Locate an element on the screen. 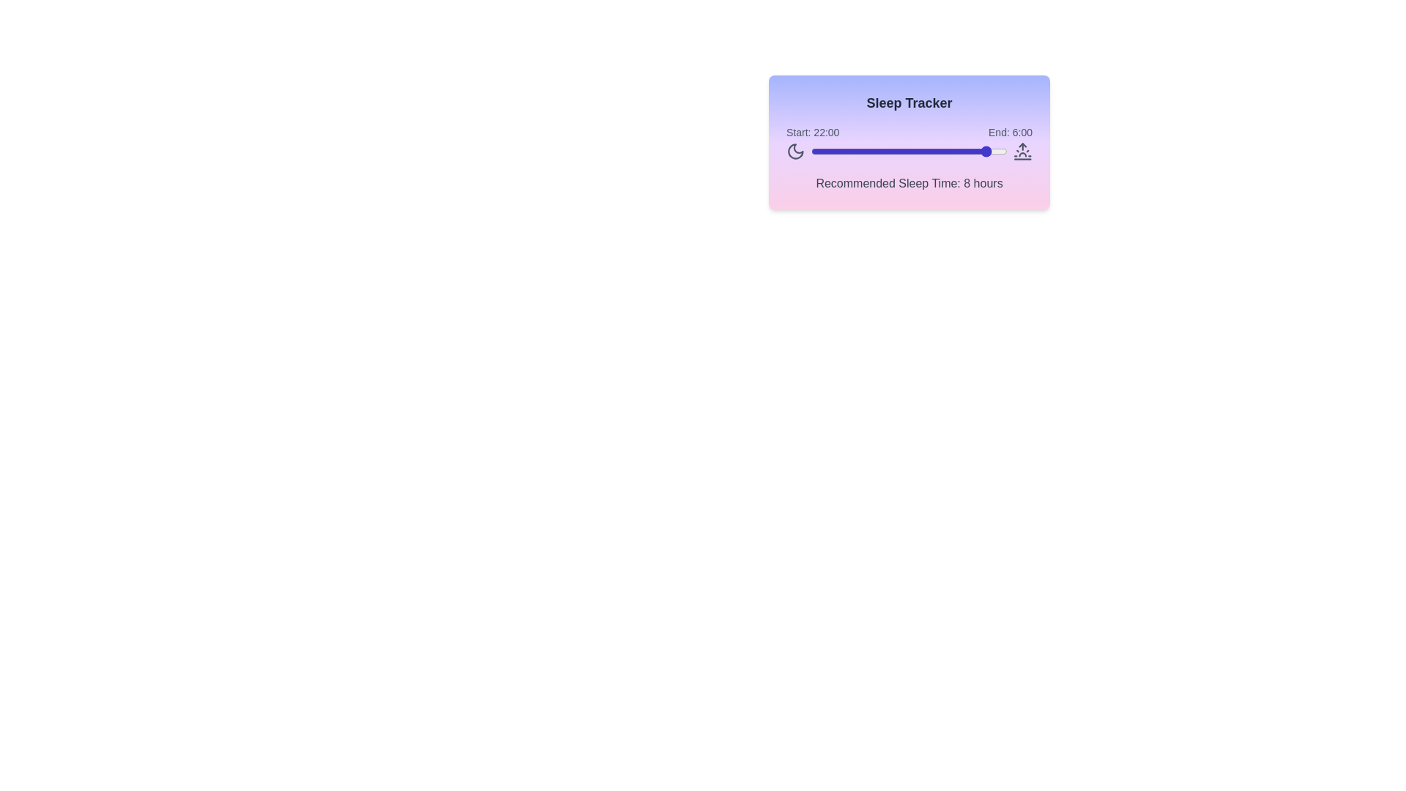 The image size is (1406, 791). the sleep time slider to set the start time to 20 is located at coordinates (975, 152).